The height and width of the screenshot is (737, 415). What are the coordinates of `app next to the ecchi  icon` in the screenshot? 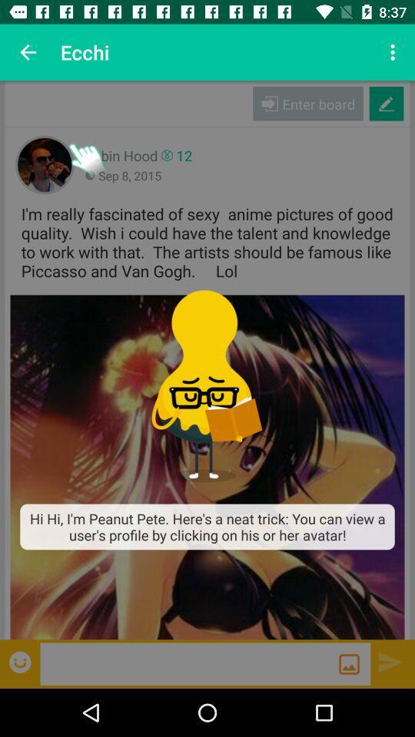 It's located at (394, 52).